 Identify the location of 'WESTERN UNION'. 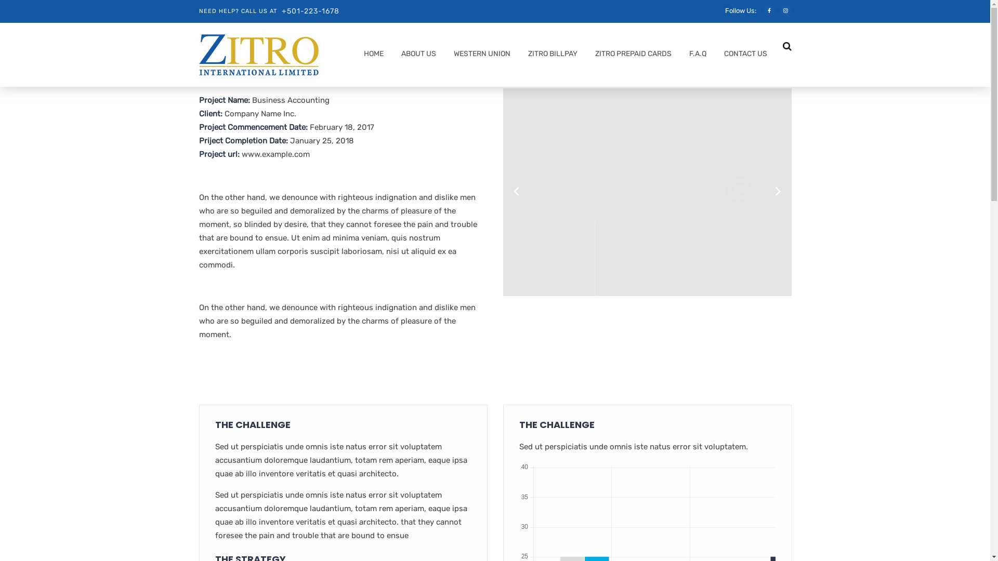
(448, 56).